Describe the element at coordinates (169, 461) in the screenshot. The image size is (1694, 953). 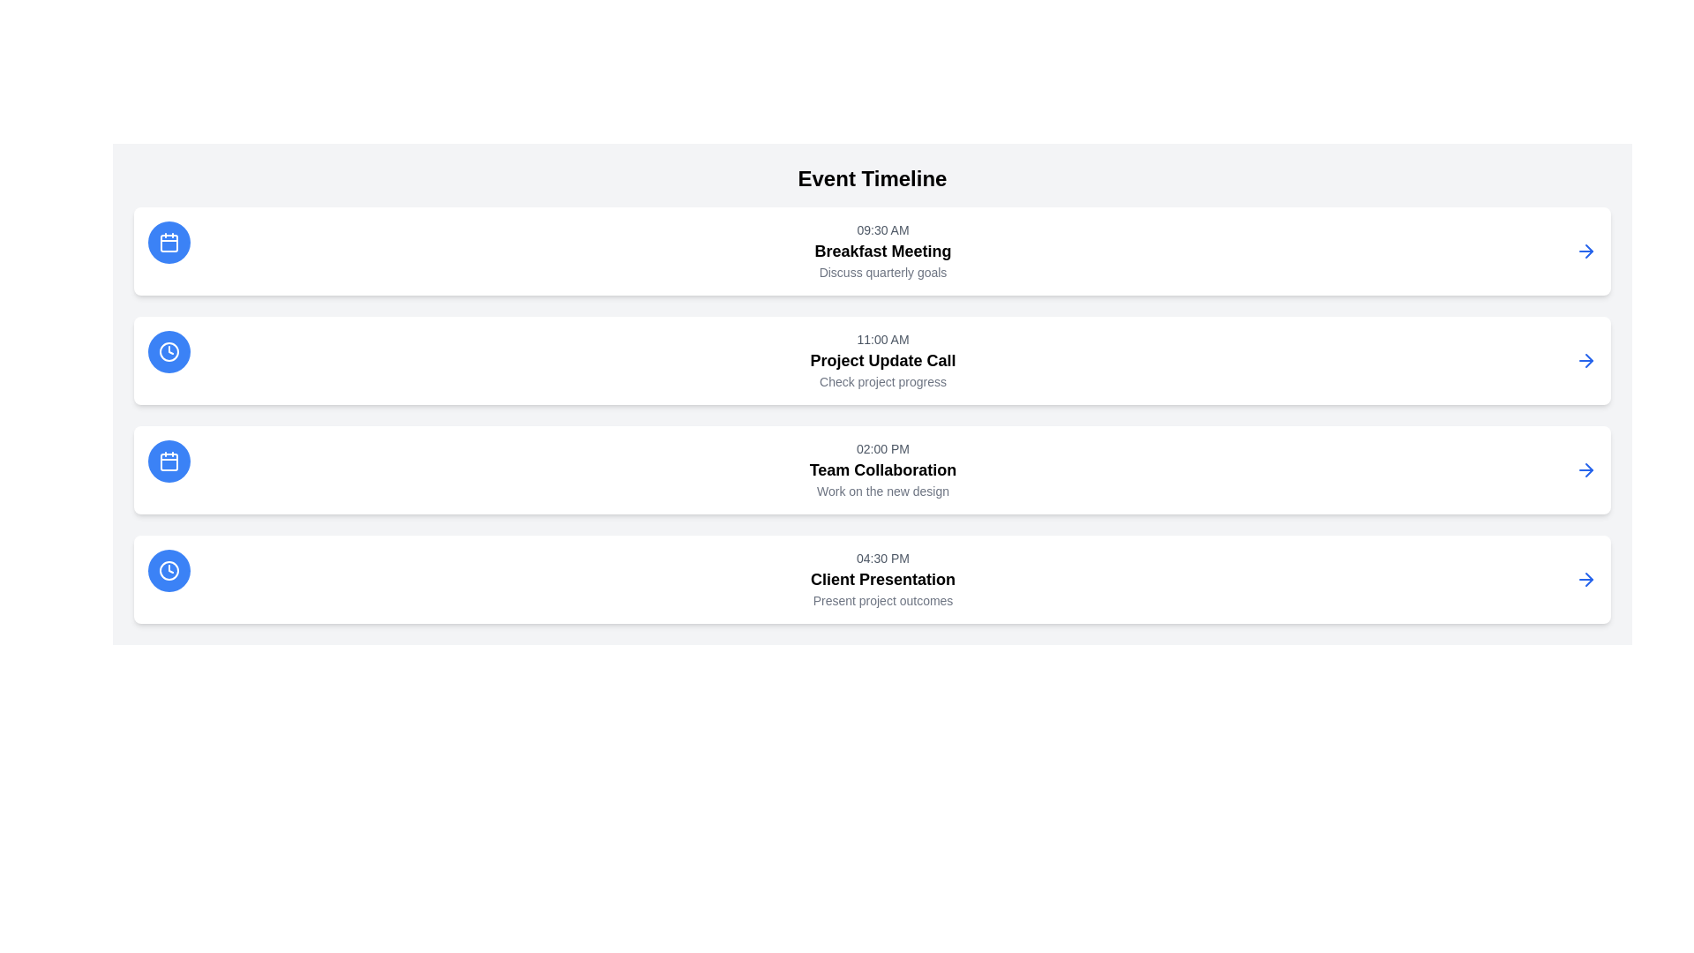
I see `the leftmost icon in the third event card from the top, which indicates a calendar-related event, positioned to the left of the text '02:00 PM', 'Team Collaboration', and 'Work on the new design'` at that location.